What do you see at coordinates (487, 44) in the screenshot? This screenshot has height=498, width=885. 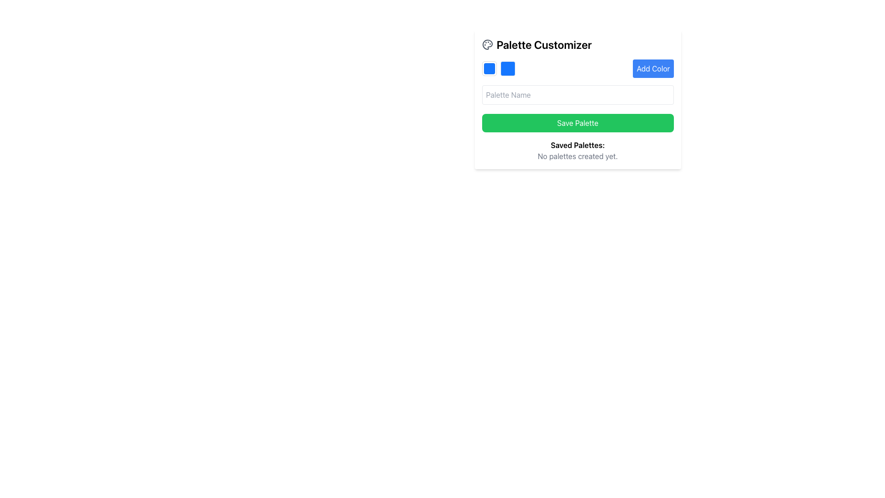 I see `the painter's palette icon located in the 'Palette Customizer' panel, which has a rounded shape and small circular cutouts, serving as a visual identifier for the section` at bounding box center [487, 44].